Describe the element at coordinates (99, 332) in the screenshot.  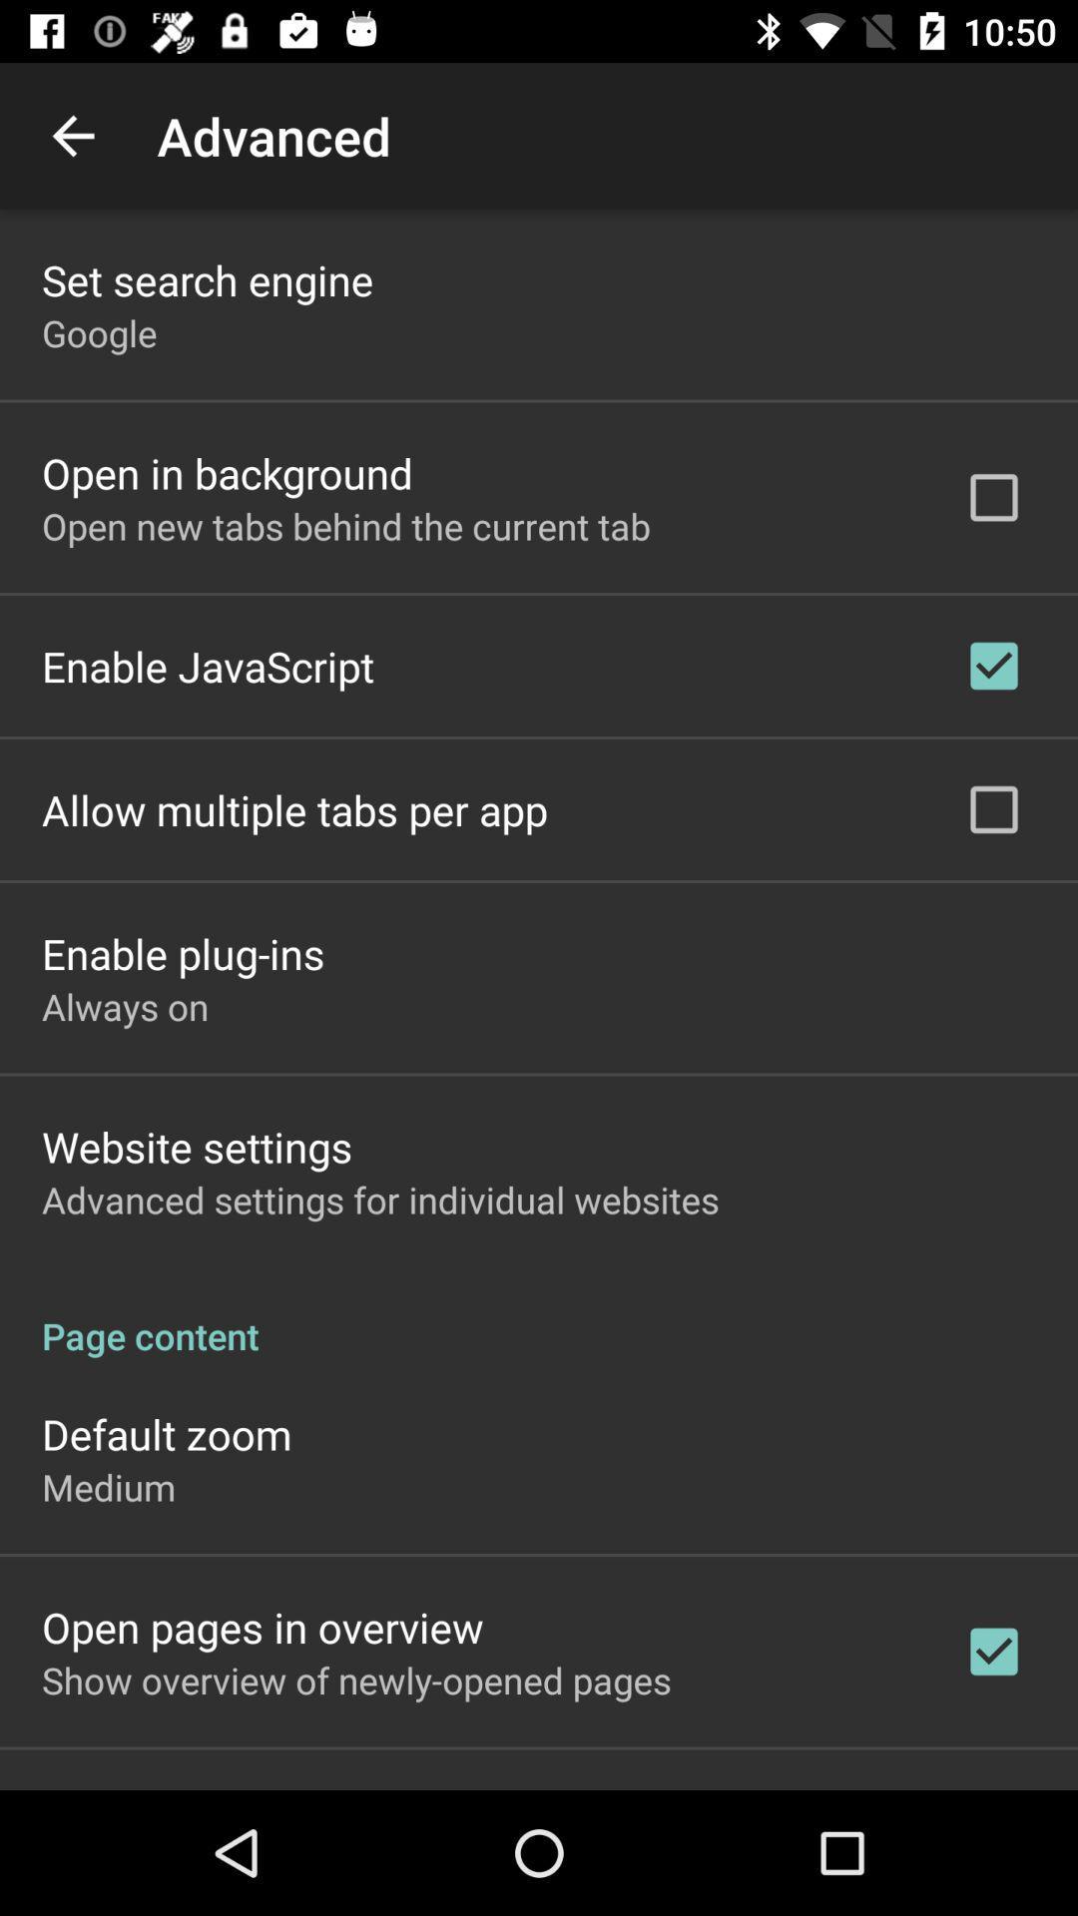
I see `the google app` at that location.